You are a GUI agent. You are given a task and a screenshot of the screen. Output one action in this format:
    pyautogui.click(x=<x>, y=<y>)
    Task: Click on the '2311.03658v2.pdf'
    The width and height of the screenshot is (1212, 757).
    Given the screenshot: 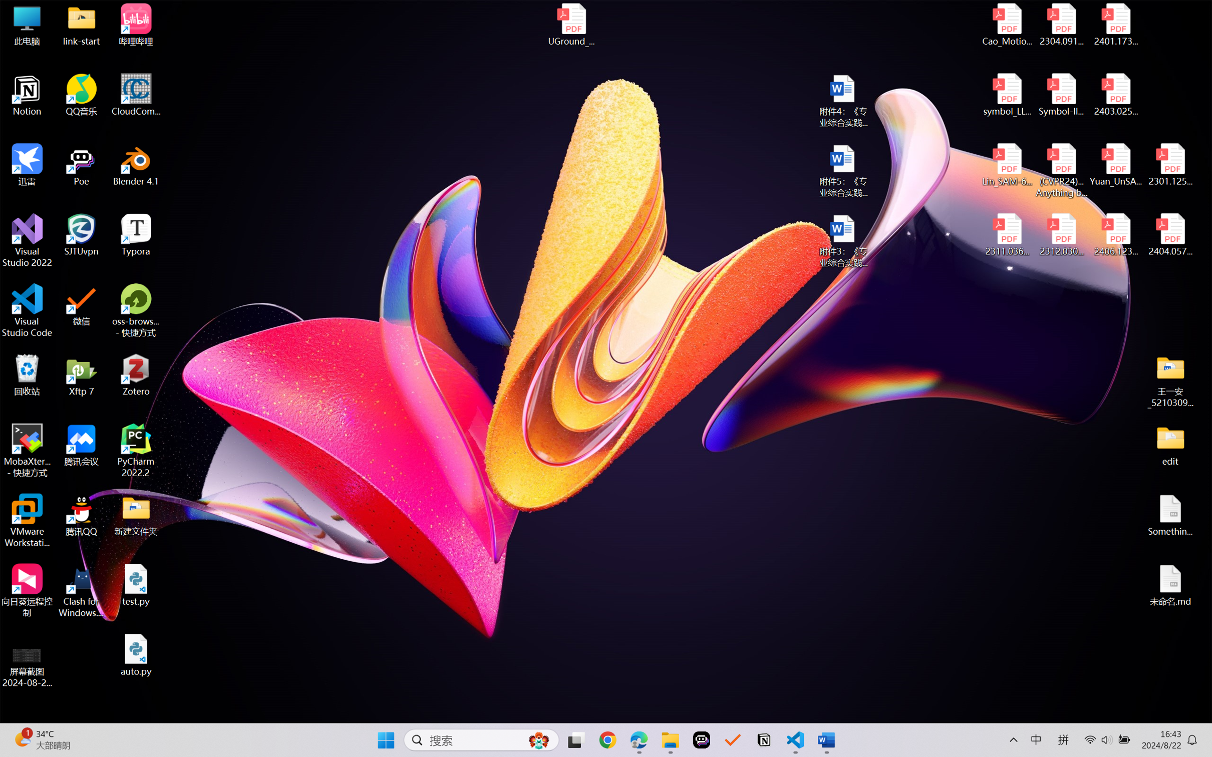 What is the action you would take?
    pyautogui.click(x=1007, y=235)
    